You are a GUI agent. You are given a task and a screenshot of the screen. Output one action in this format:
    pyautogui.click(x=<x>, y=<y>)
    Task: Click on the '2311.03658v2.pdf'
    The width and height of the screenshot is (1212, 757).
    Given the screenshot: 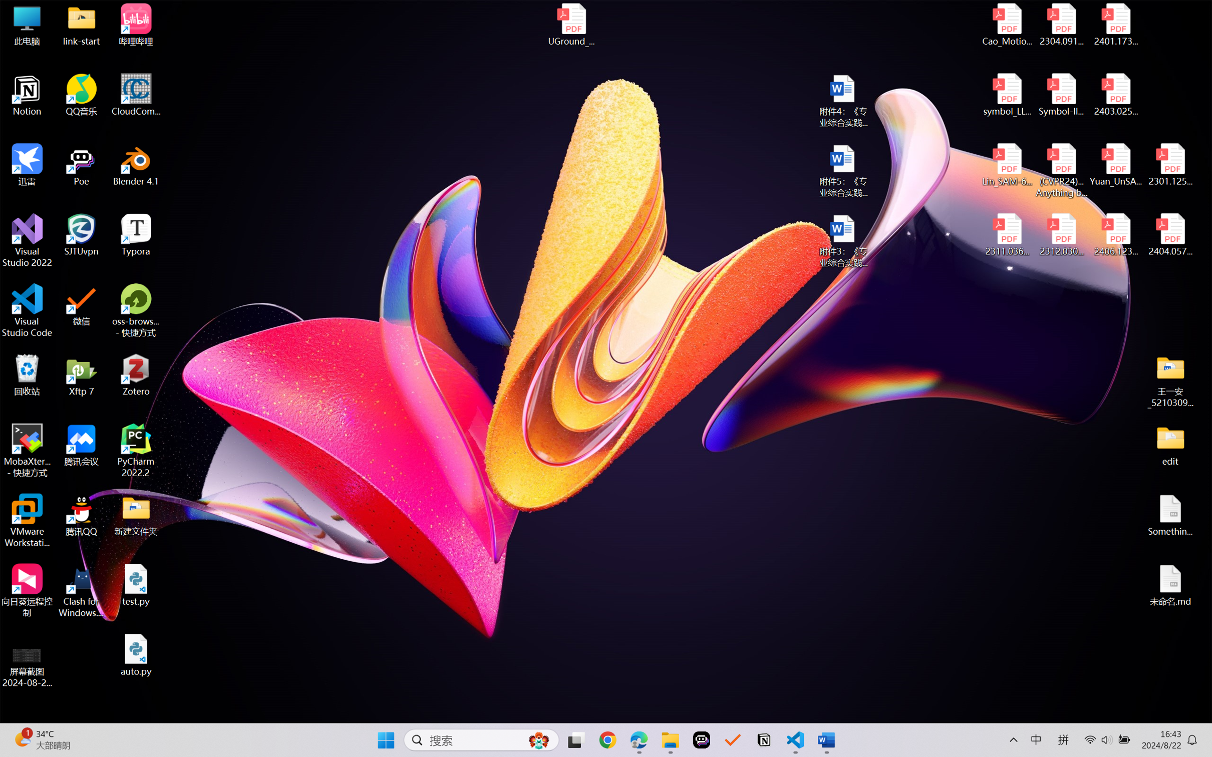 What is the action you would take?
    pyautogui.click(x=1007, y=235)
    